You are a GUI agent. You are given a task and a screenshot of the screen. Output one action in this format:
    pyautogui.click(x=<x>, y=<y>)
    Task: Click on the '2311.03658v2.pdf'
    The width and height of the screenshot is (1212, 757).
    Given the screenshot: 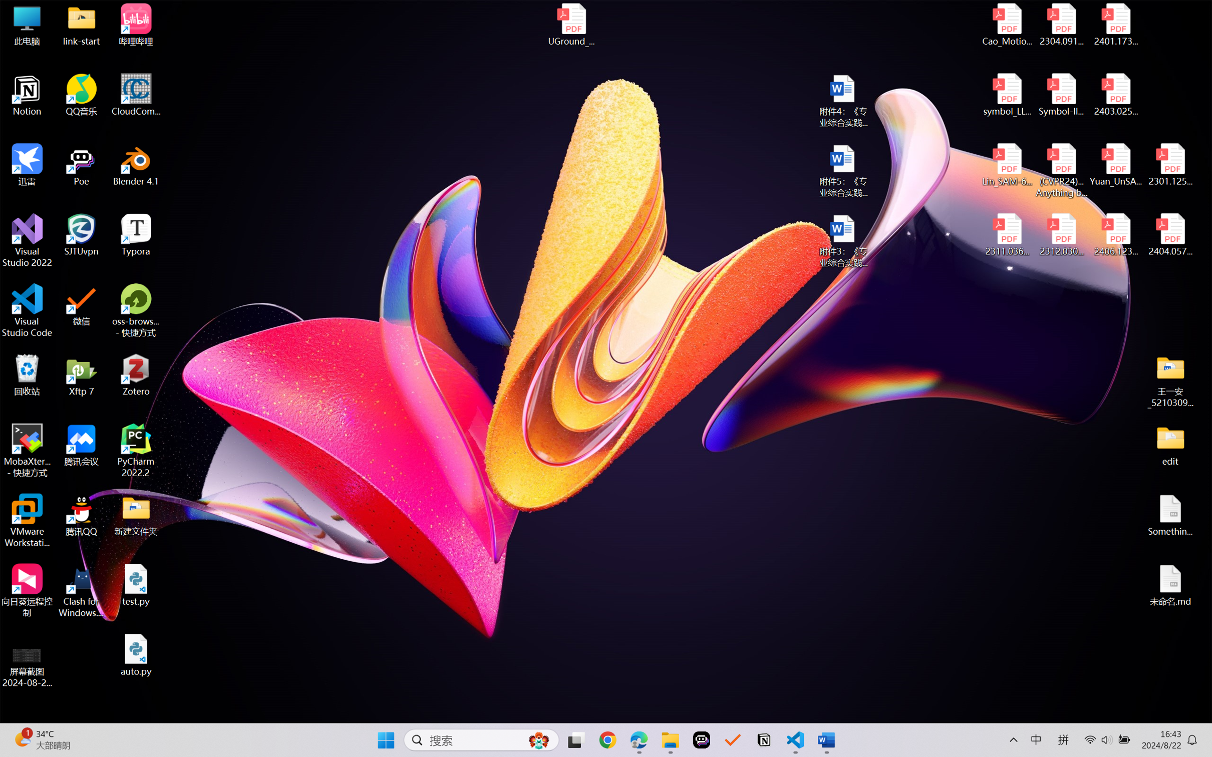 What is the action you would take?
    pyautogui.click(x=1007, y=235)
    